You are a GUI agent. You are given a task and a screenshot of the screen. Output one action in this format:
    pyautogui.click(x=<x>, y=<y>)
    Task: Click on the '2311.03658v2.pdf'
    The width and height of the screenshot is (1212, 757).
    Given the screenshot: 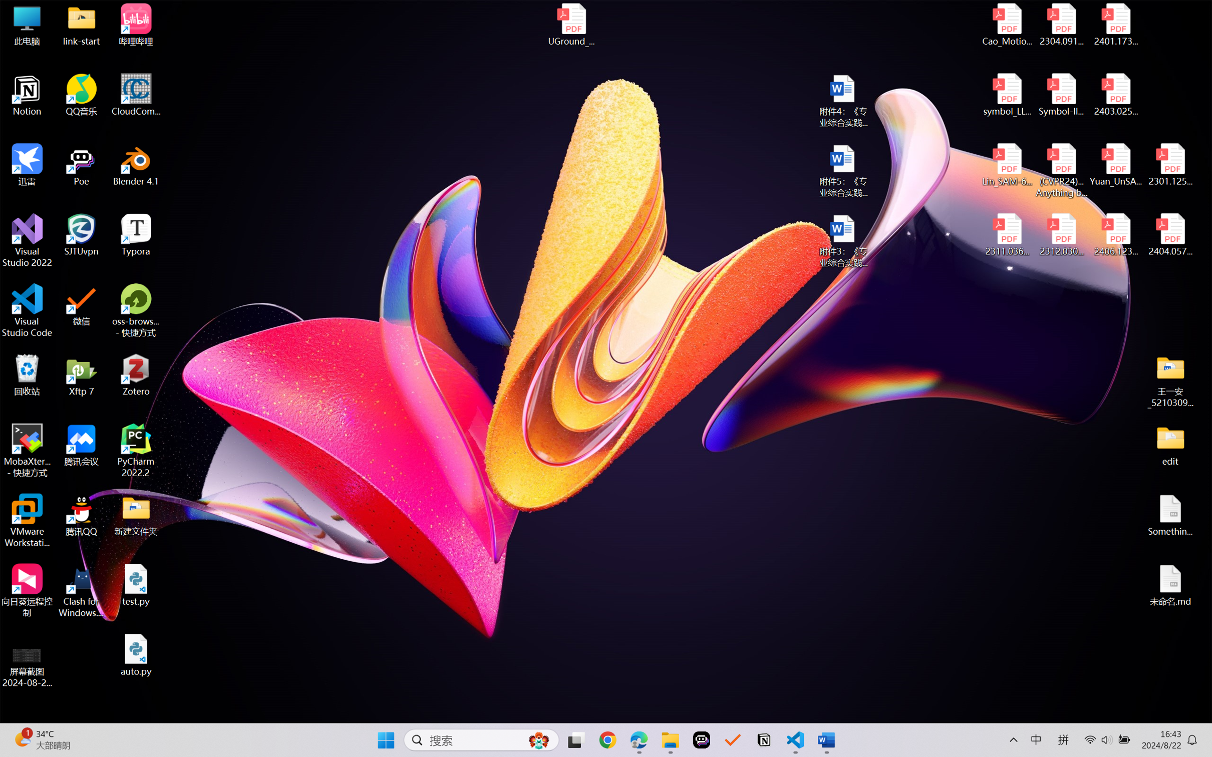 What is the action you would take?
    pyautogui.click(x=1007, y=235)
    